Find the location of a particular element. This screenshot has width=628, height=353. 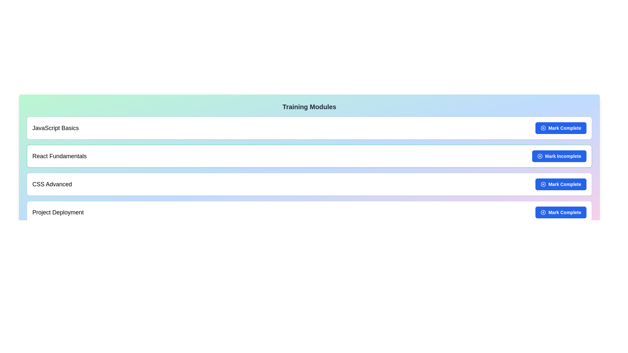

the circular button with a plus symbol inside, located to the left of the 'Mark Complete' label in the topmost row of the list is located at coordinates (543, 128).